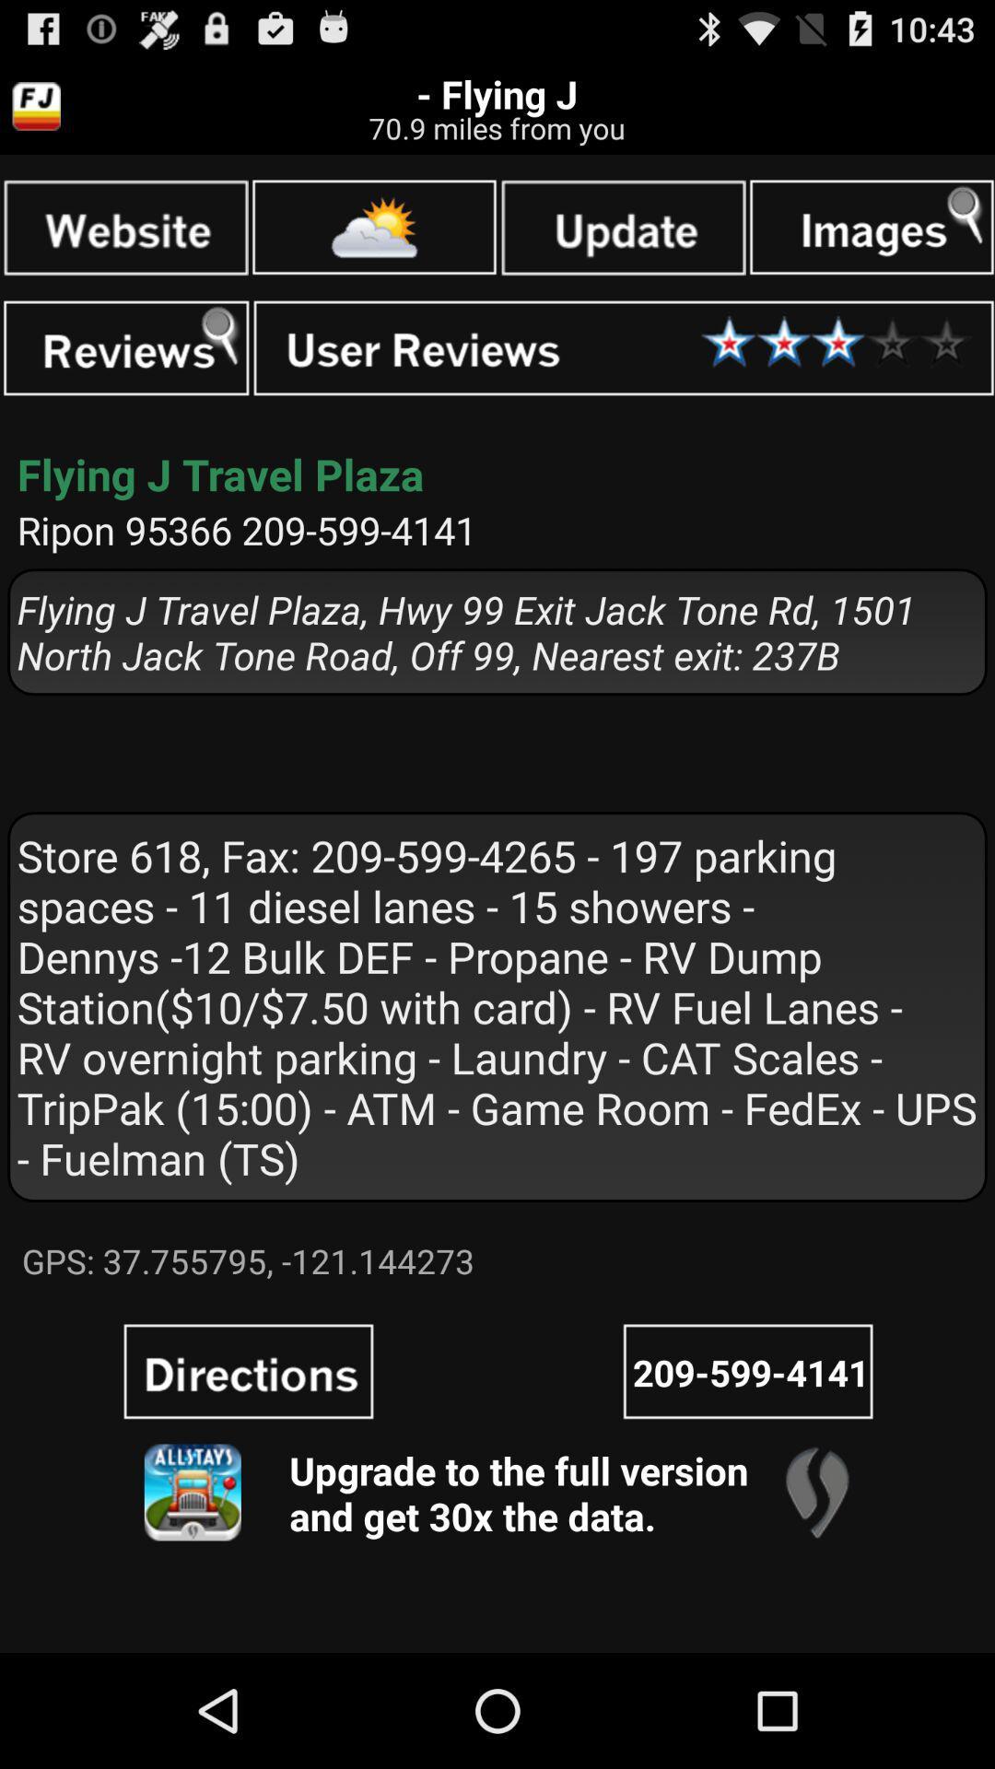 The height and width of the screenshot is (1769, 995). What do you see at coordinates (125, 348) in the screenshot?
I see `search reviews` at bounding box center [125, 348].